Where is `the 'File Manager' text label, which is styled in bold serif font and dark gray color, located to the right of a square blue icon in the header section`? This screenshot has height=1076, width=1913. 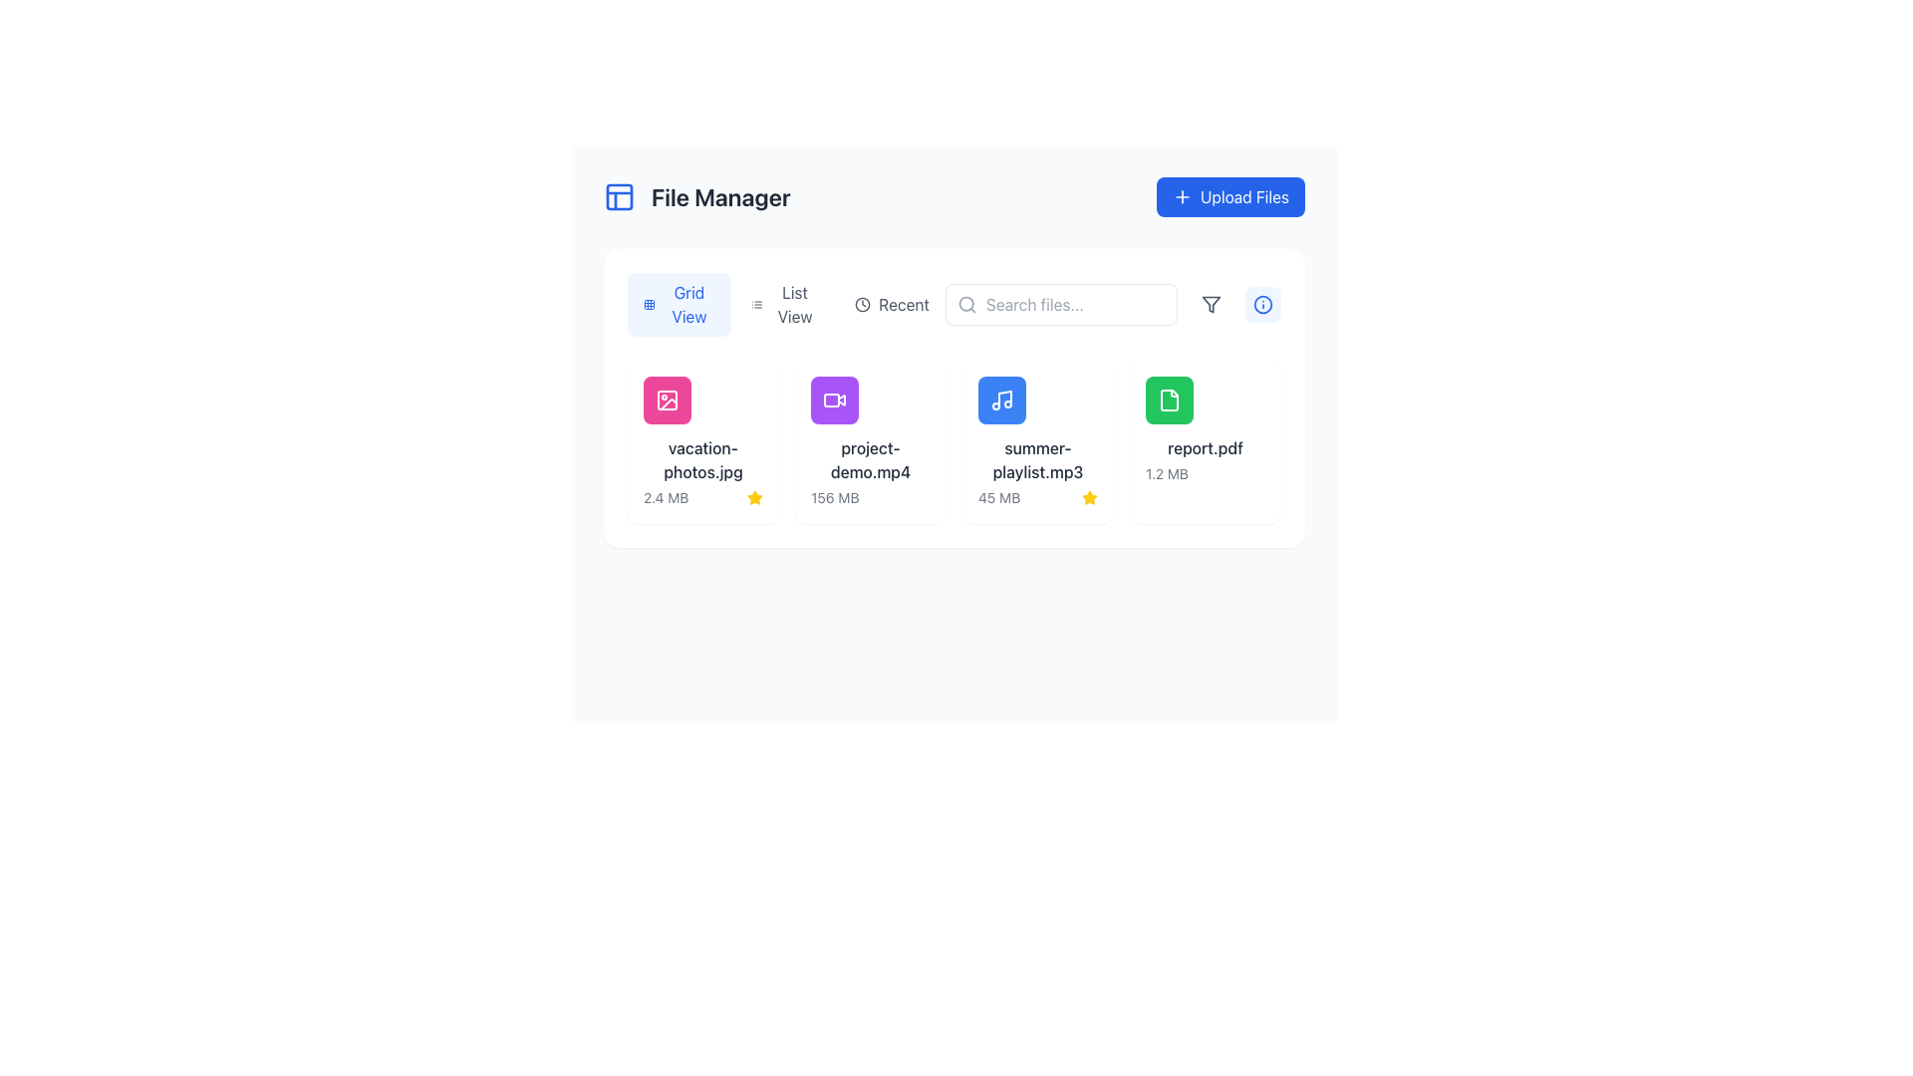
the 'File Manager' text label, which is styled in bold serif font and dark gray color, located to the right of a square blue icon in the header section is located at coordinates (719, 196).